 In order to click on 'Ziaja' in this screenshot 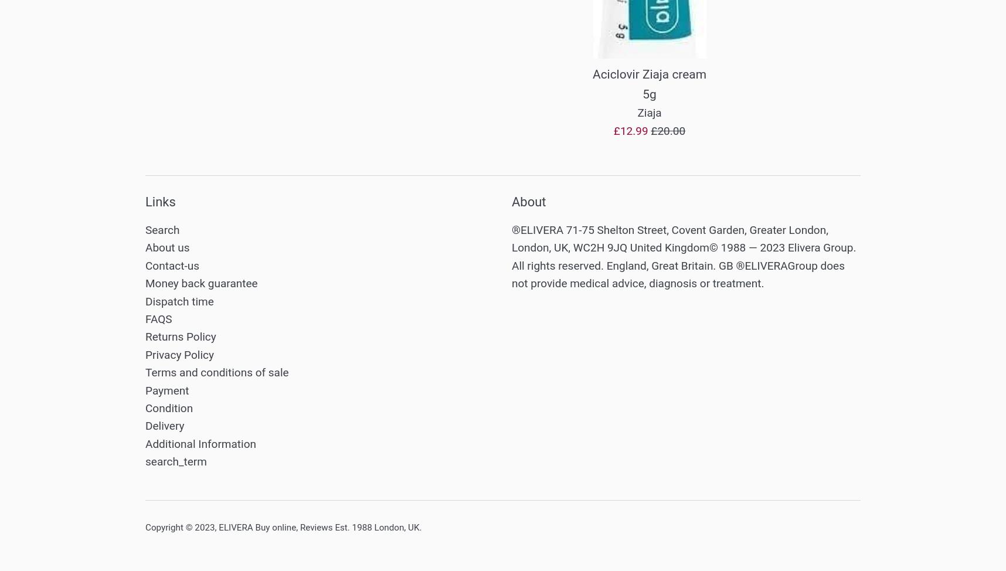, I will do `click(648, 113)`.